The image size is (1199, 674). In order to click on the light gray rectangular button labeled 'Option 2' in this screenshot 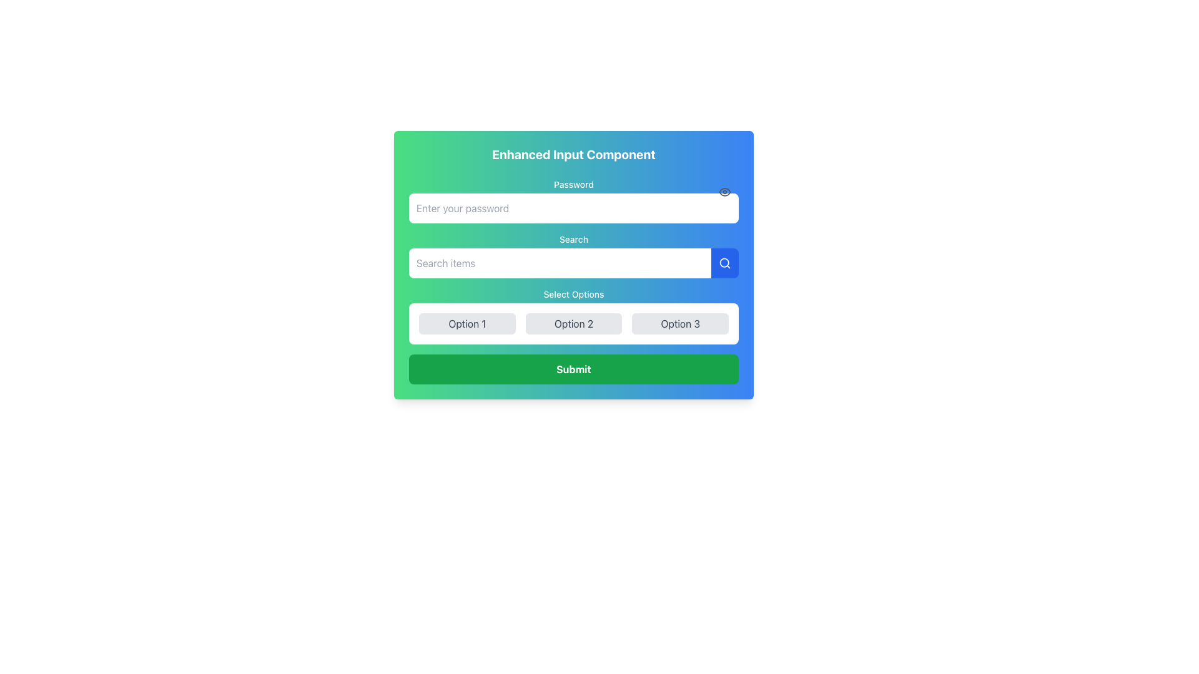, I will do `click(573, 323)`.